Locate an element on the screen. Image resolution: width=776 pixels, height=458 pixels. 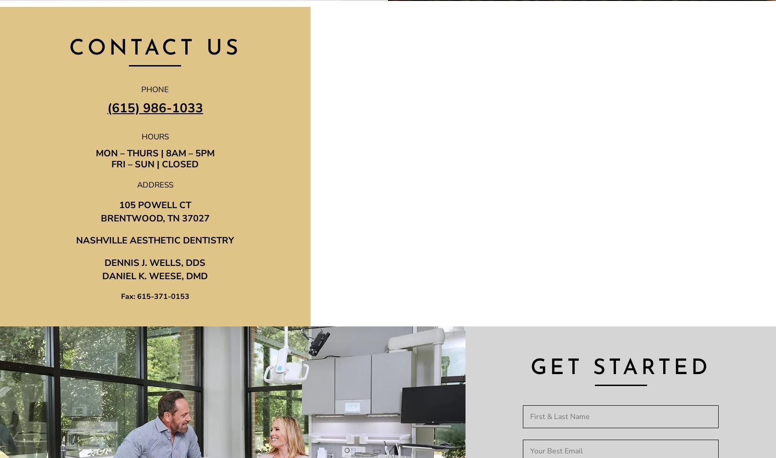
'Contact Us' is located at coordinates (155, 49).